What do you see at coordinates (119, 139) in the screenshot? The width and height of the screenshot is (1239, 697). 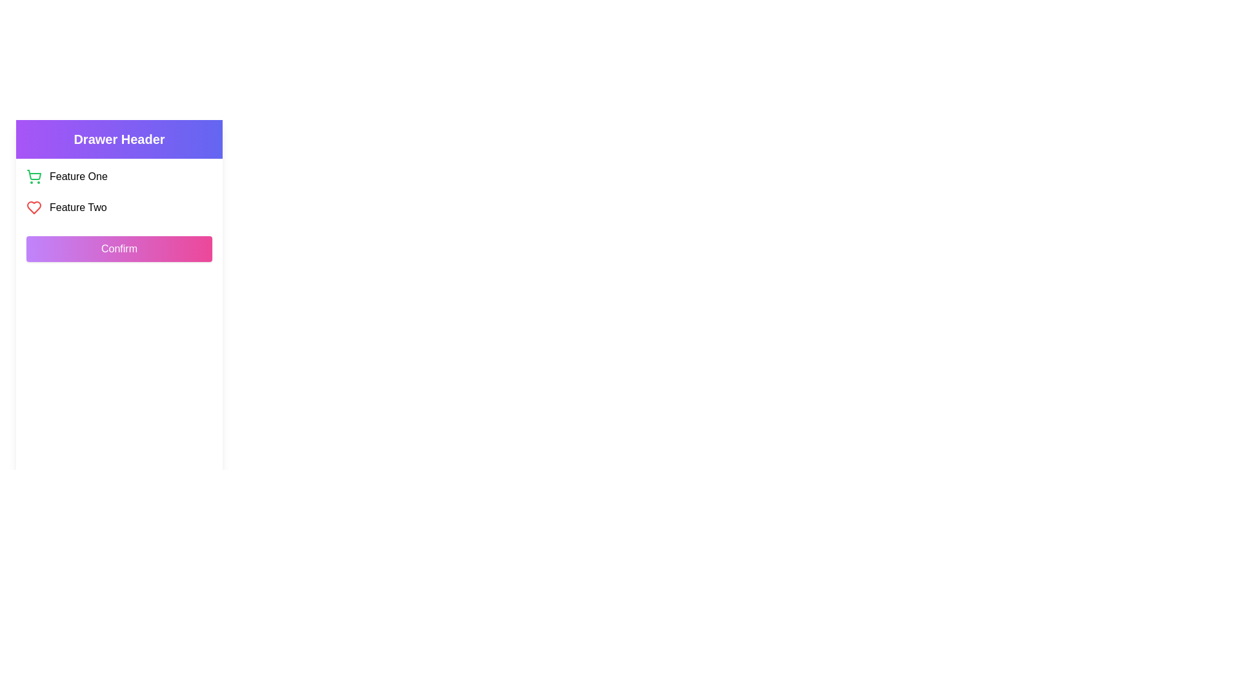 I see `the header labeled 'Drawer Header' with a gradient background, which is positioned at the top of the drawer interface` at bounding box center [119, 139].